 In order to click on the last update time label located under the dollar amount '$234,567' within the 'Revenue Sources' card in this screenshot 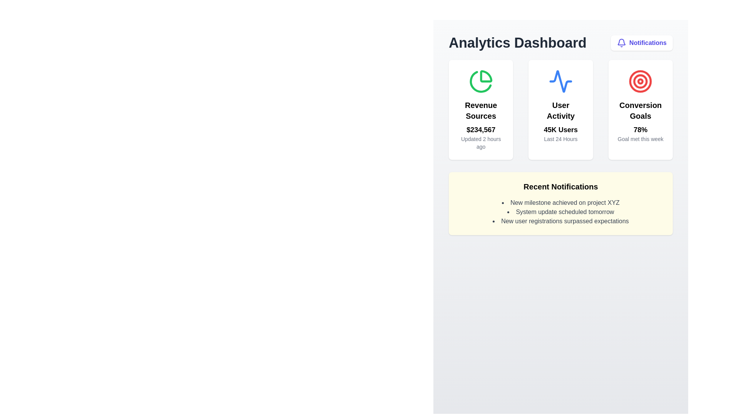, I will do `click(480, 143)`.